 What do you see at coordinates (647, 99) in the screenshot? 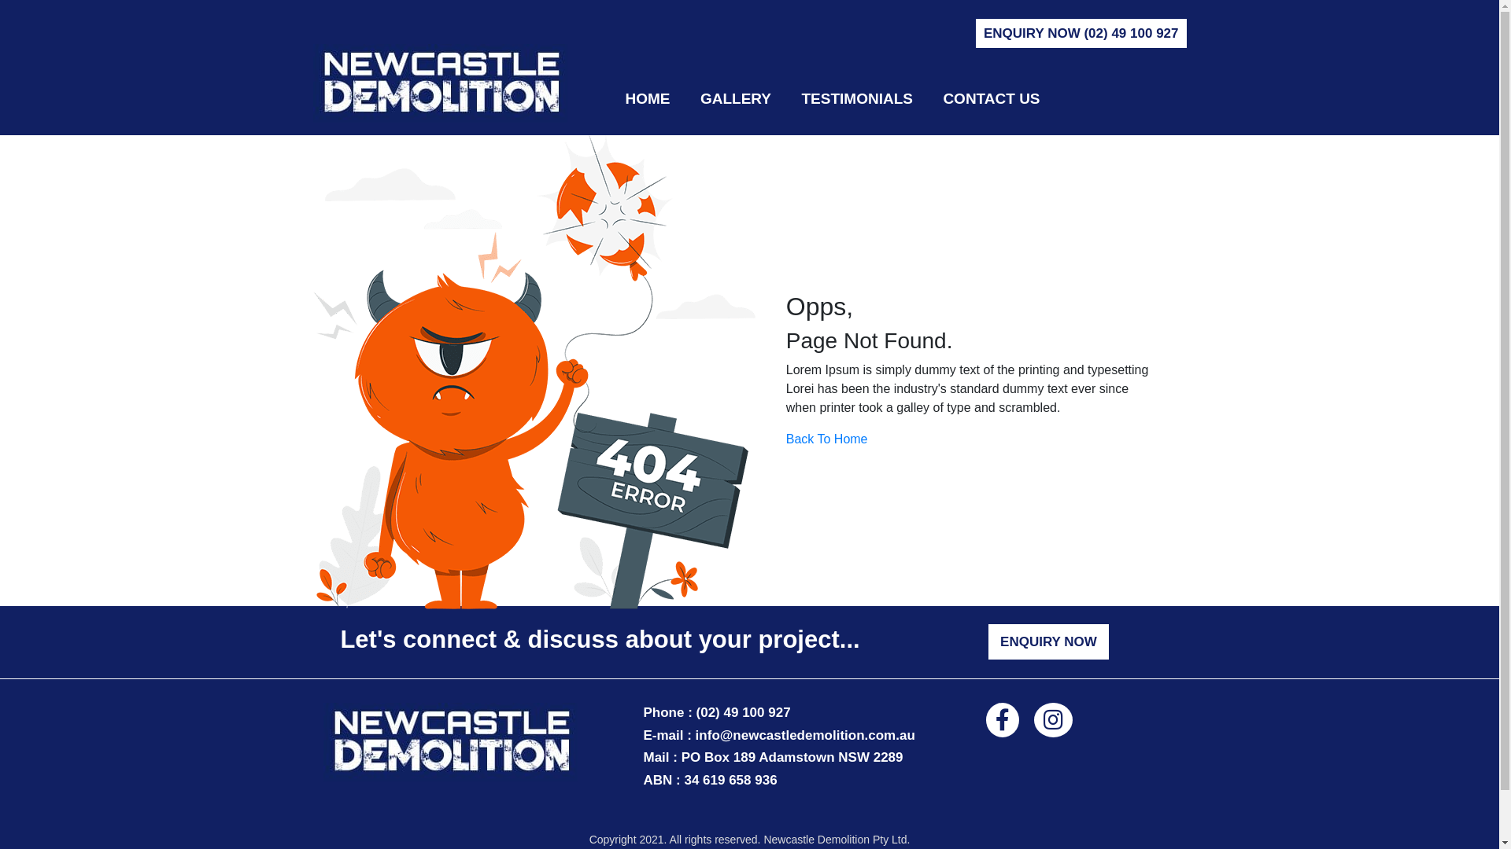
I see `'HOME'` at bounding box center [647, 99].